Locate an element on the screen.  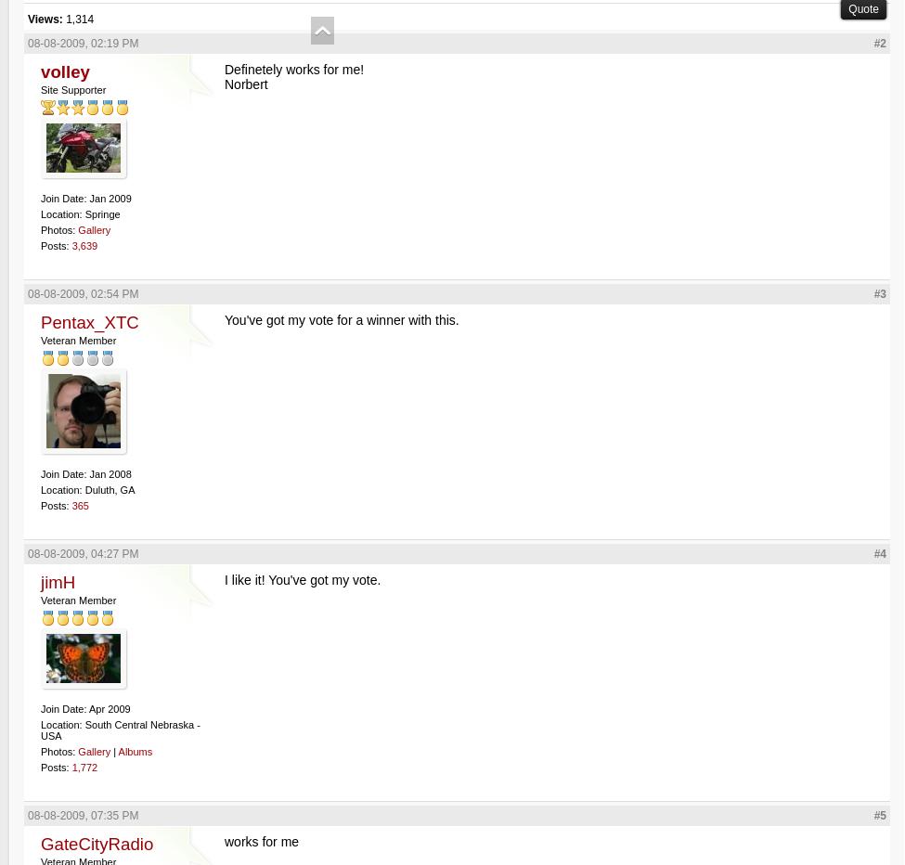
'jimH' is located at coordinates (58, 581).